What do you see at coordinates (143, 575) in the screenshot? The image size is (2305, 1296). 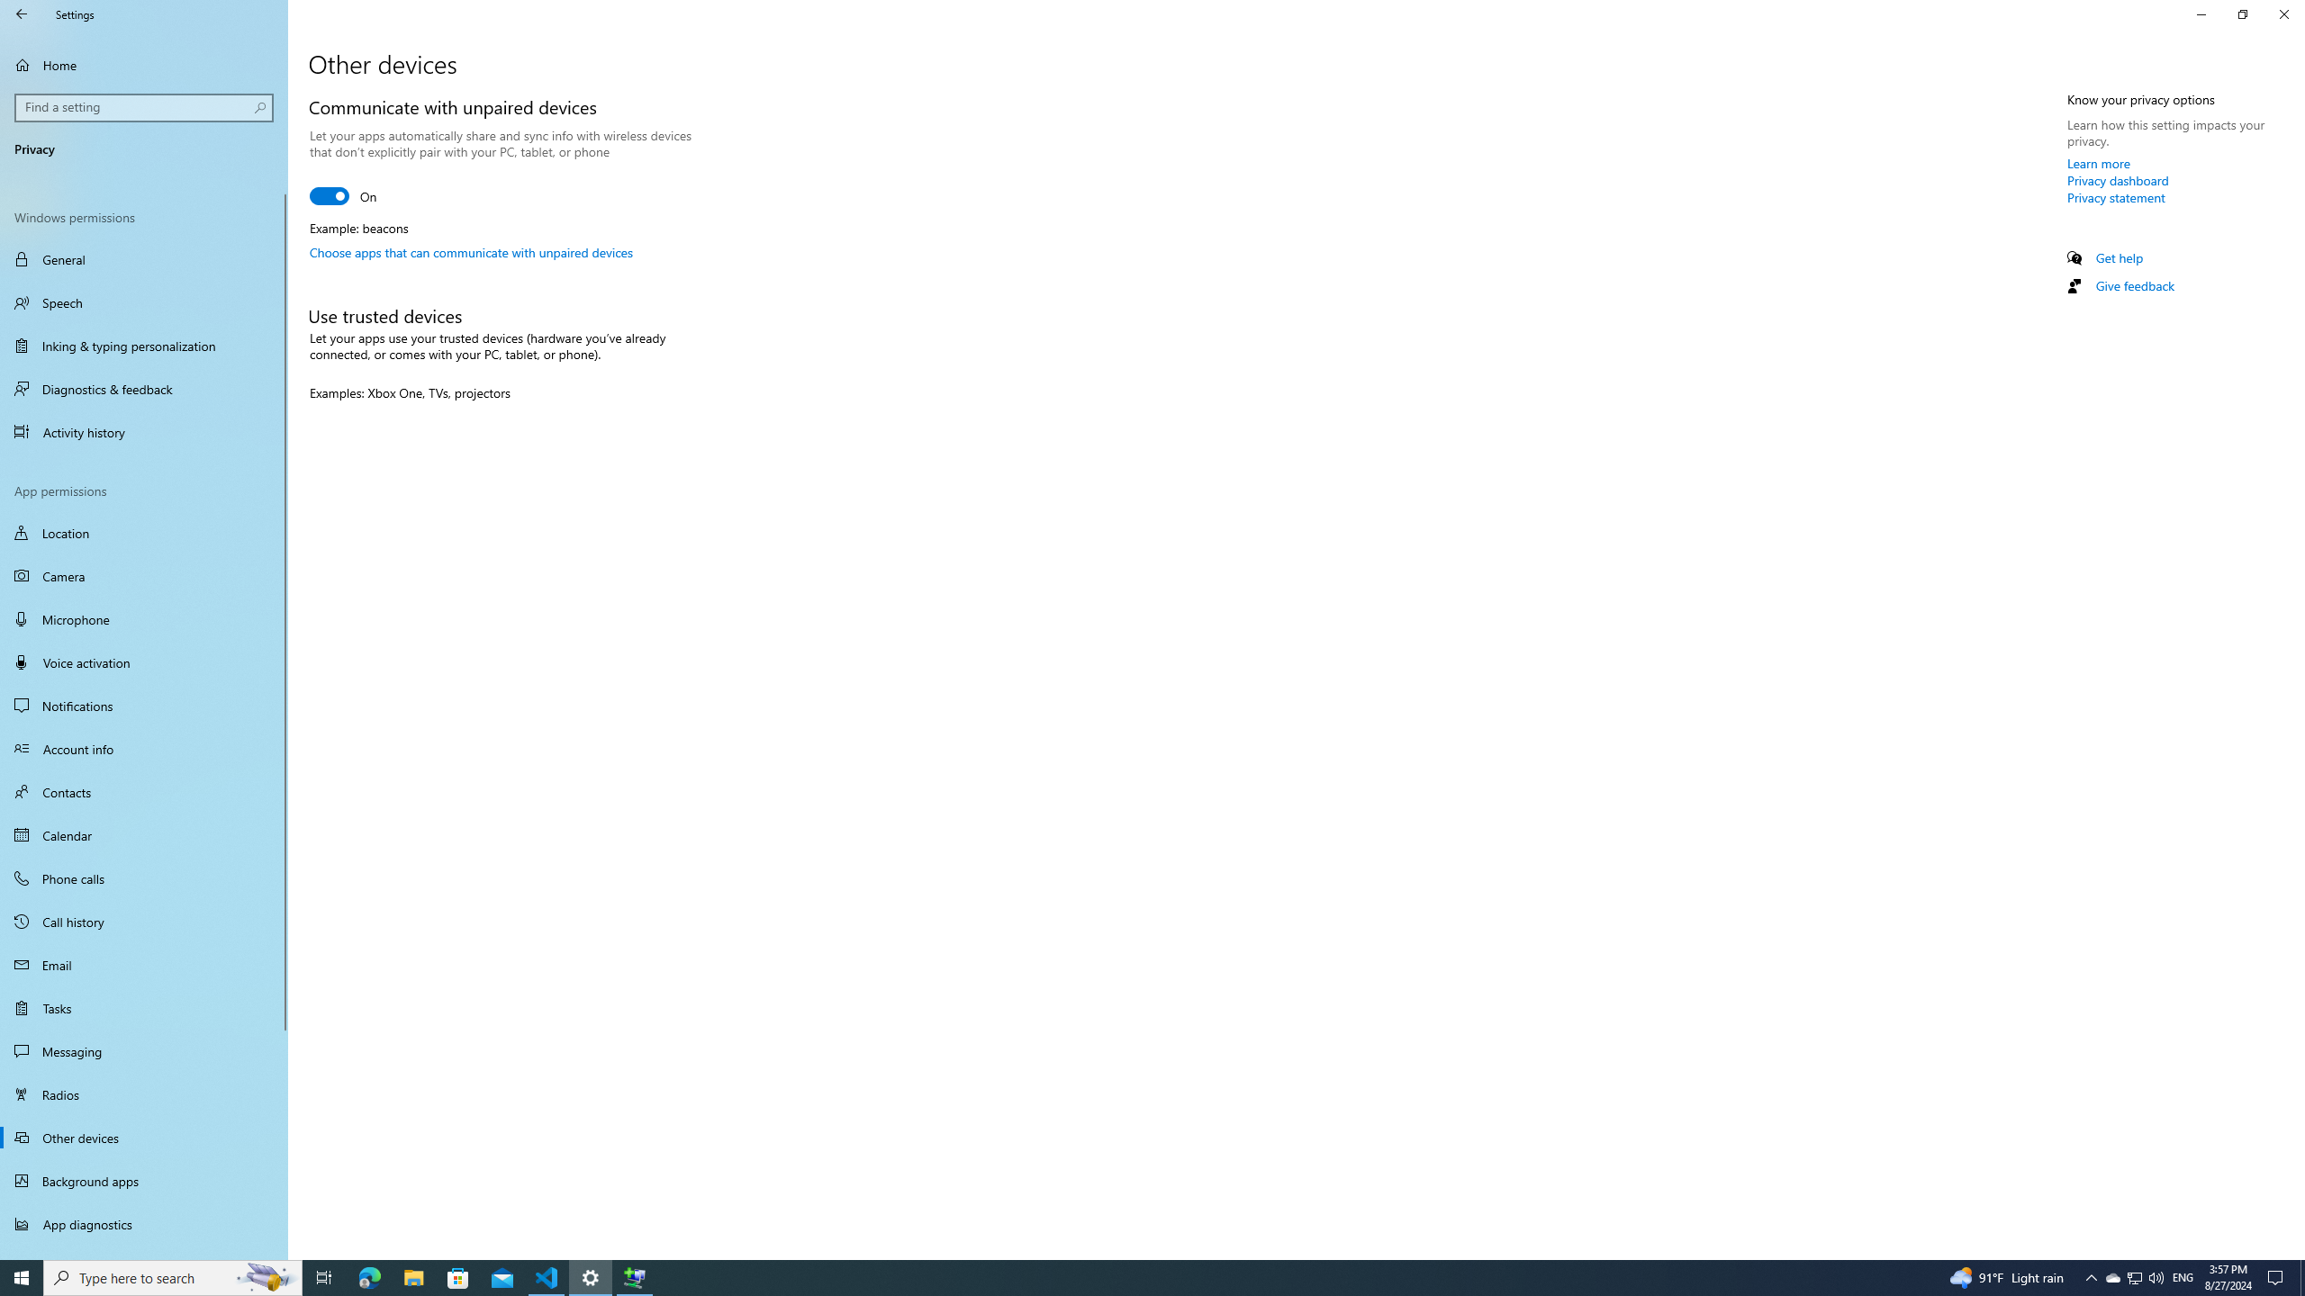 I see `'Camera'` at bounding box center [143, 575].